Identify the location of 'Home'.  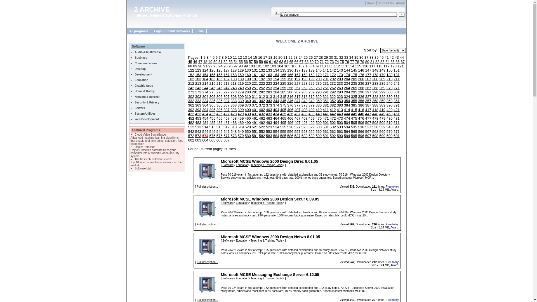
(365, 3).